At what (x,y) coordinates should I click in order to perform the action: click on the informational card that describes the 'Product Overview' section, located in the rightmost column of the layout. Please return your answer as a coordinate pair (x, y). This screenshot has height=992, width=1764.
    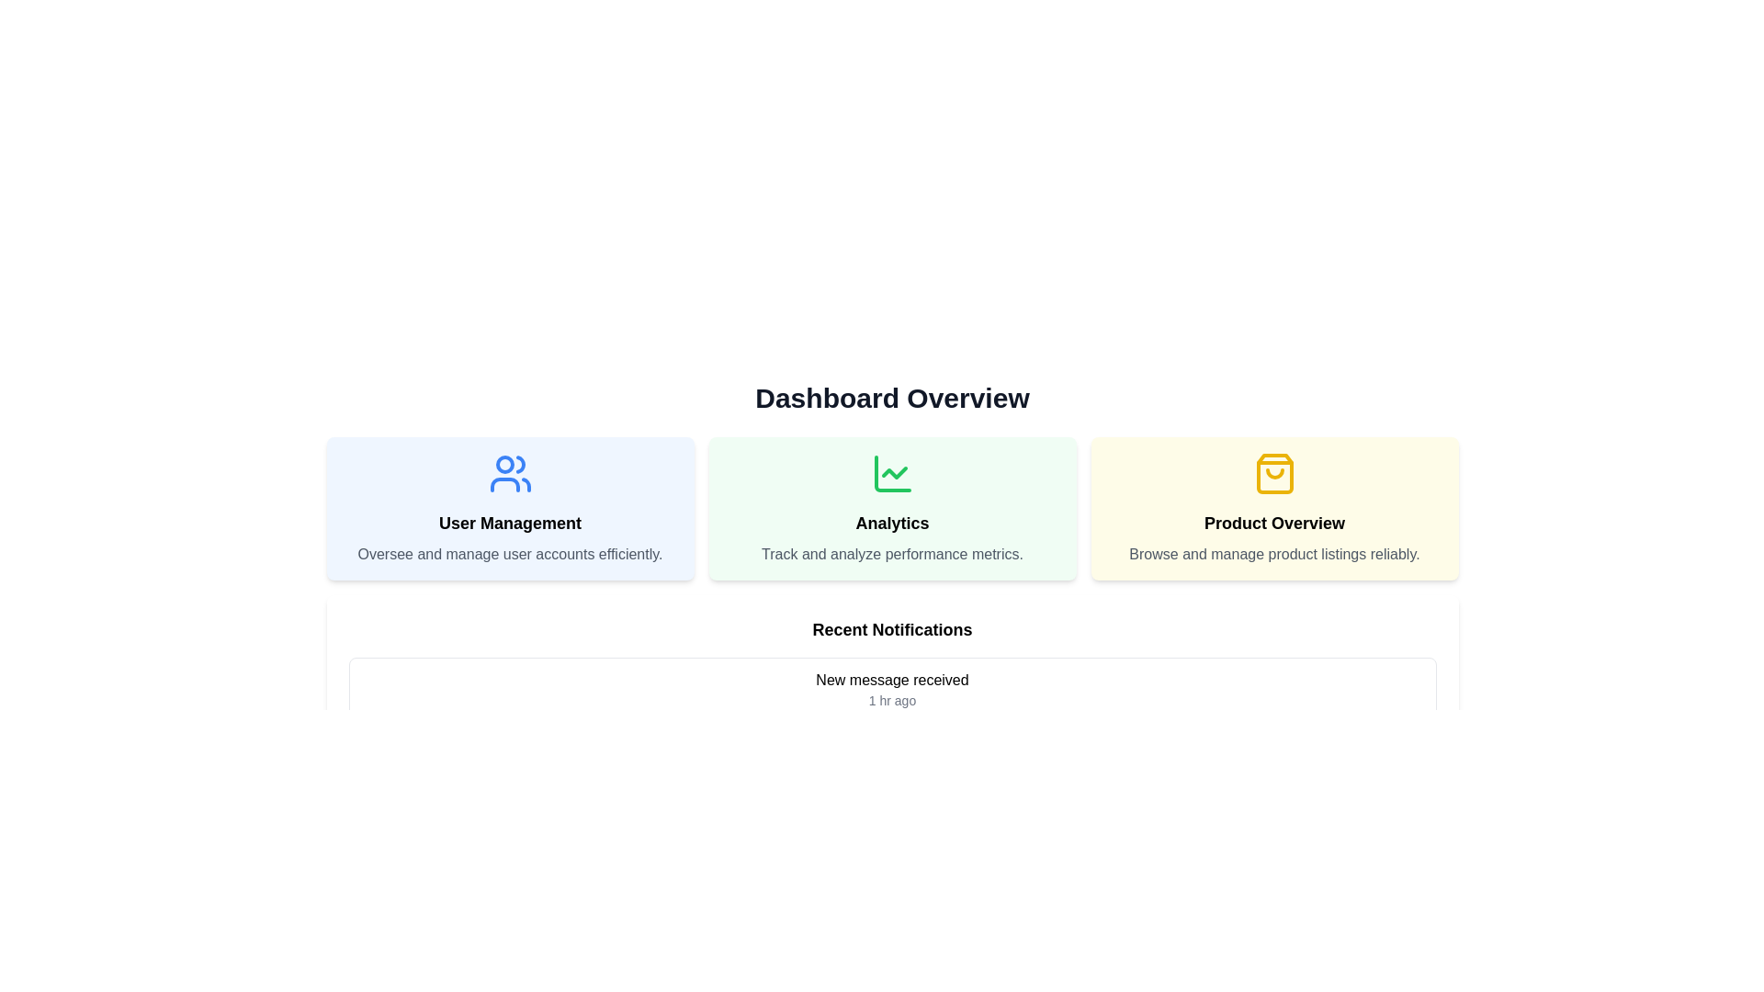
    Looking at the image, I should click on (1273, 509).